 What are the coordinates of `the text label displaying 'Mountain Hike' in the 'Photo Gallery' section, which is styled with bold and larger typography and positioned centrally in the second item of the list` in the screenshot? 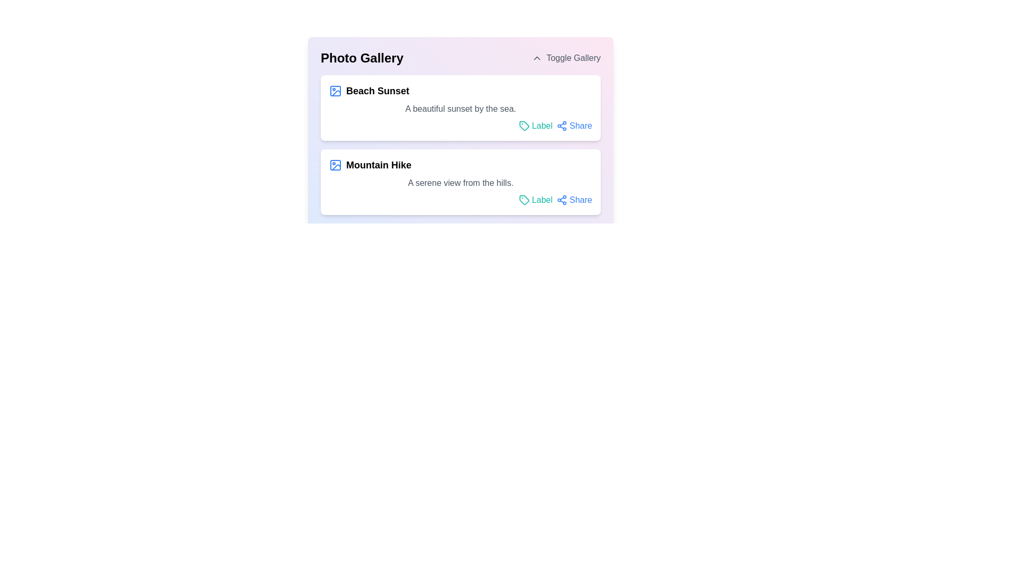 It's located at (379, 165).